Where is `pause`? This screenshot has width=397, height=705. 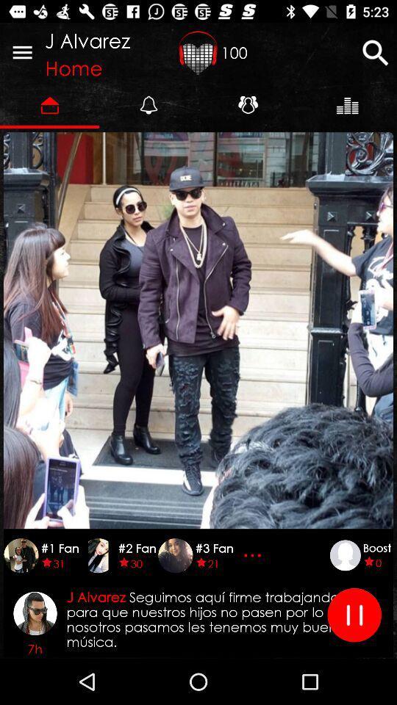
pause is located at coordinates (354, 615).